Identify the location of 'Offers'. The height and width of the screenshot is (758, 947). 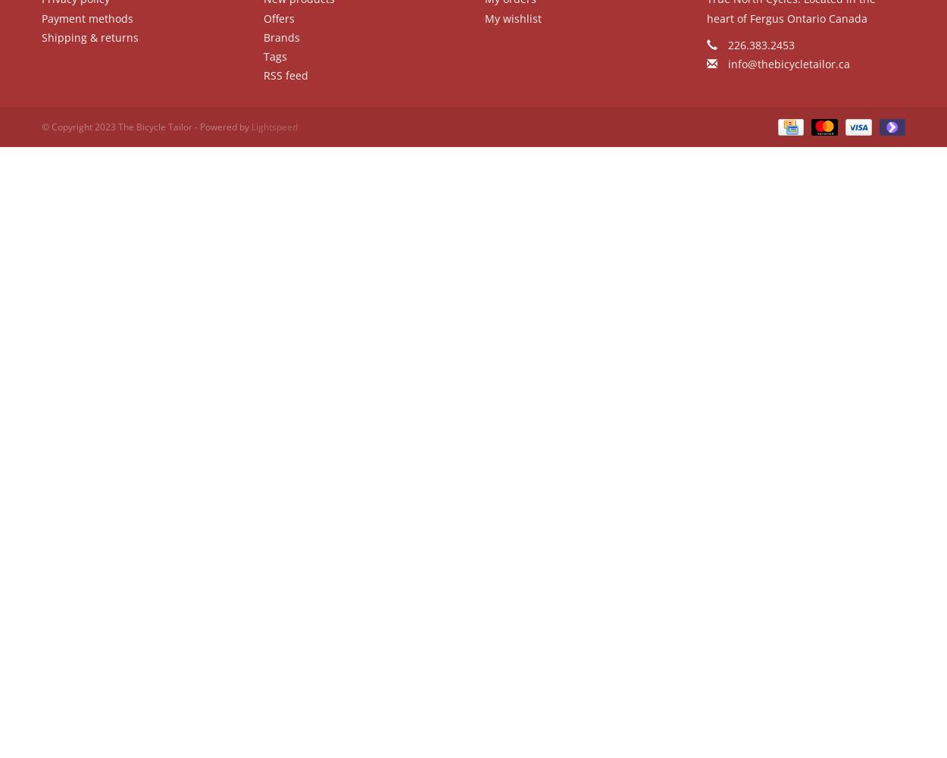
(277, 17).